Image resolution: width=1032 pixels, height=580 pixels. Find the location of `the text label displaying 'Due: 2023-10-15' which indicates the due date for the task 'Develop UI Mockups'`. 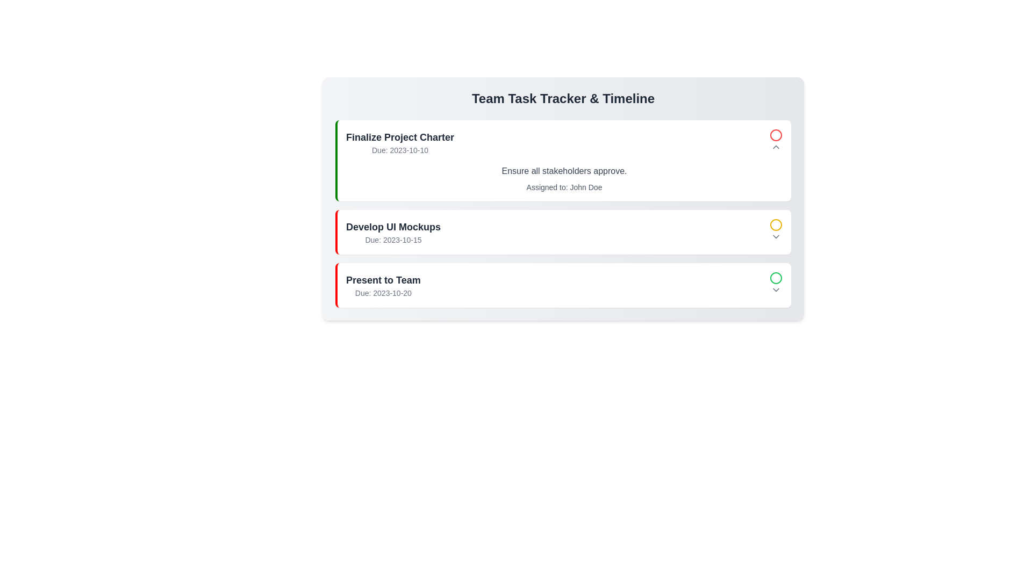

the text label displaying 'Due: 2023-10-15' which indicates the due date for the task 'Develop UI Mockups' is located at coordinates (393, 239).